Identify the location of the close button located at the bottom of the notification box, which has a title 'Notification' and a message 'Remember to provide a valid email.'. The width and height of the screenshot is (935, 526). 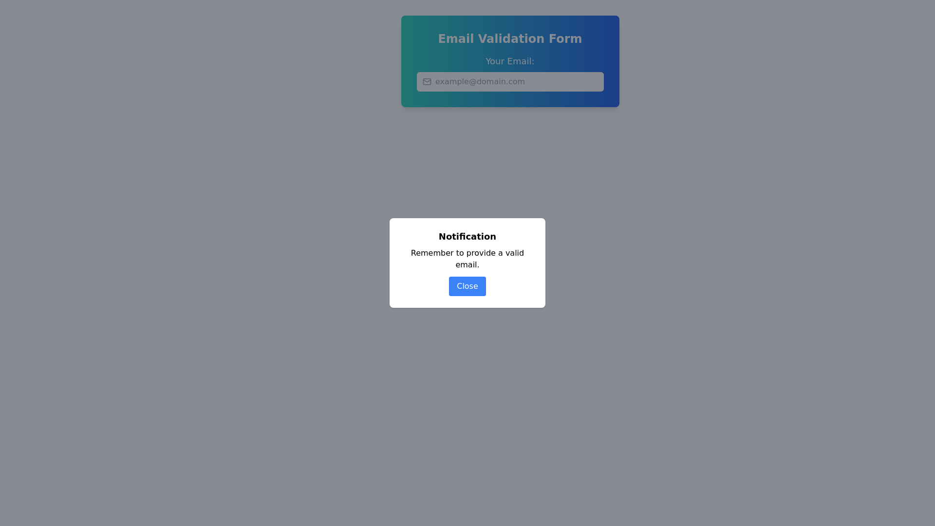
(467, 285).